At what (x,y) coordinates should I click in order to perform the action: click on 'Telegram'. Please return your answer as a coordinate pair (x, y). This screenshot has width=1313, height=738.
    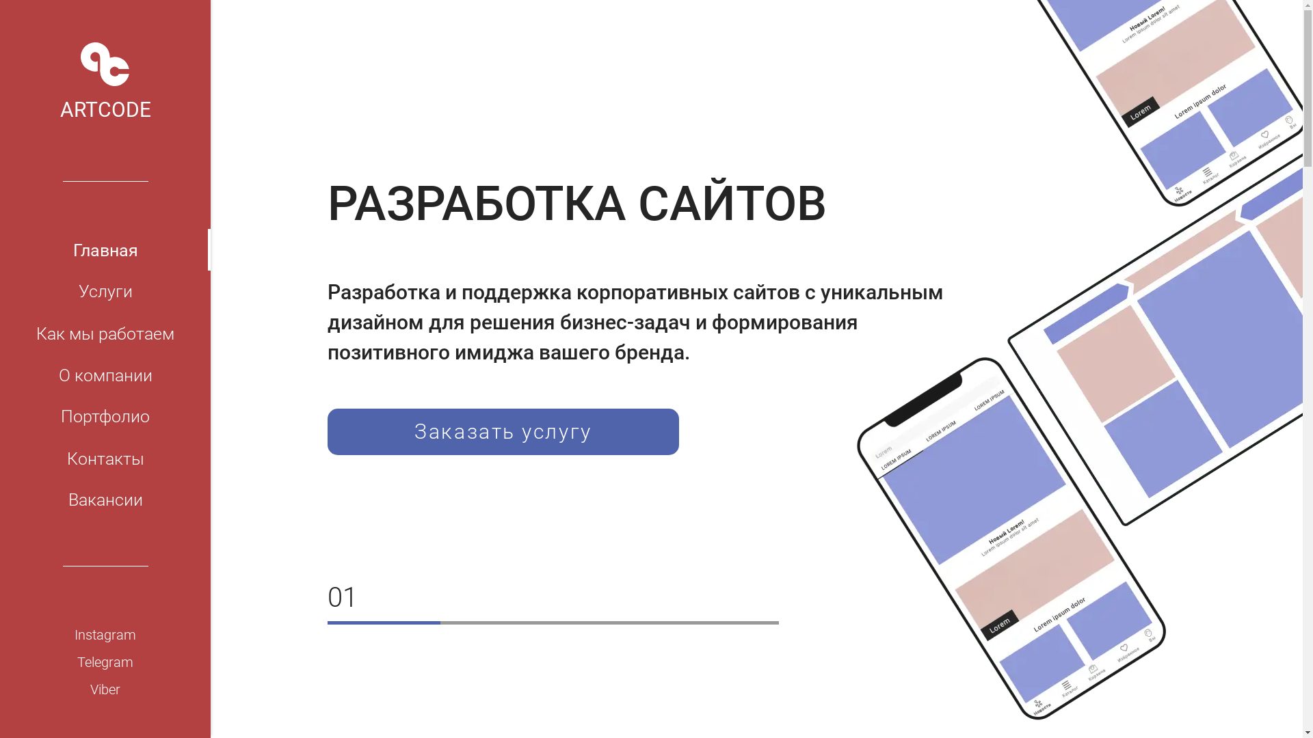
    Looking at the image, I should click on (104, 661).